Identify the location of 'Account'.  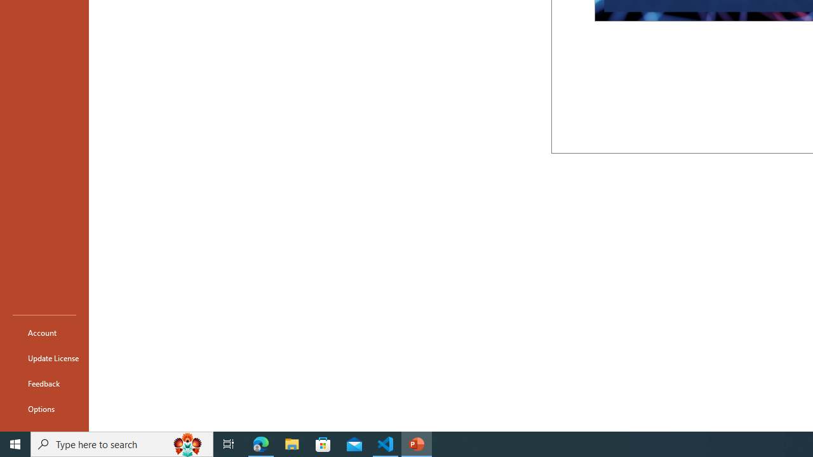
(44, 332).